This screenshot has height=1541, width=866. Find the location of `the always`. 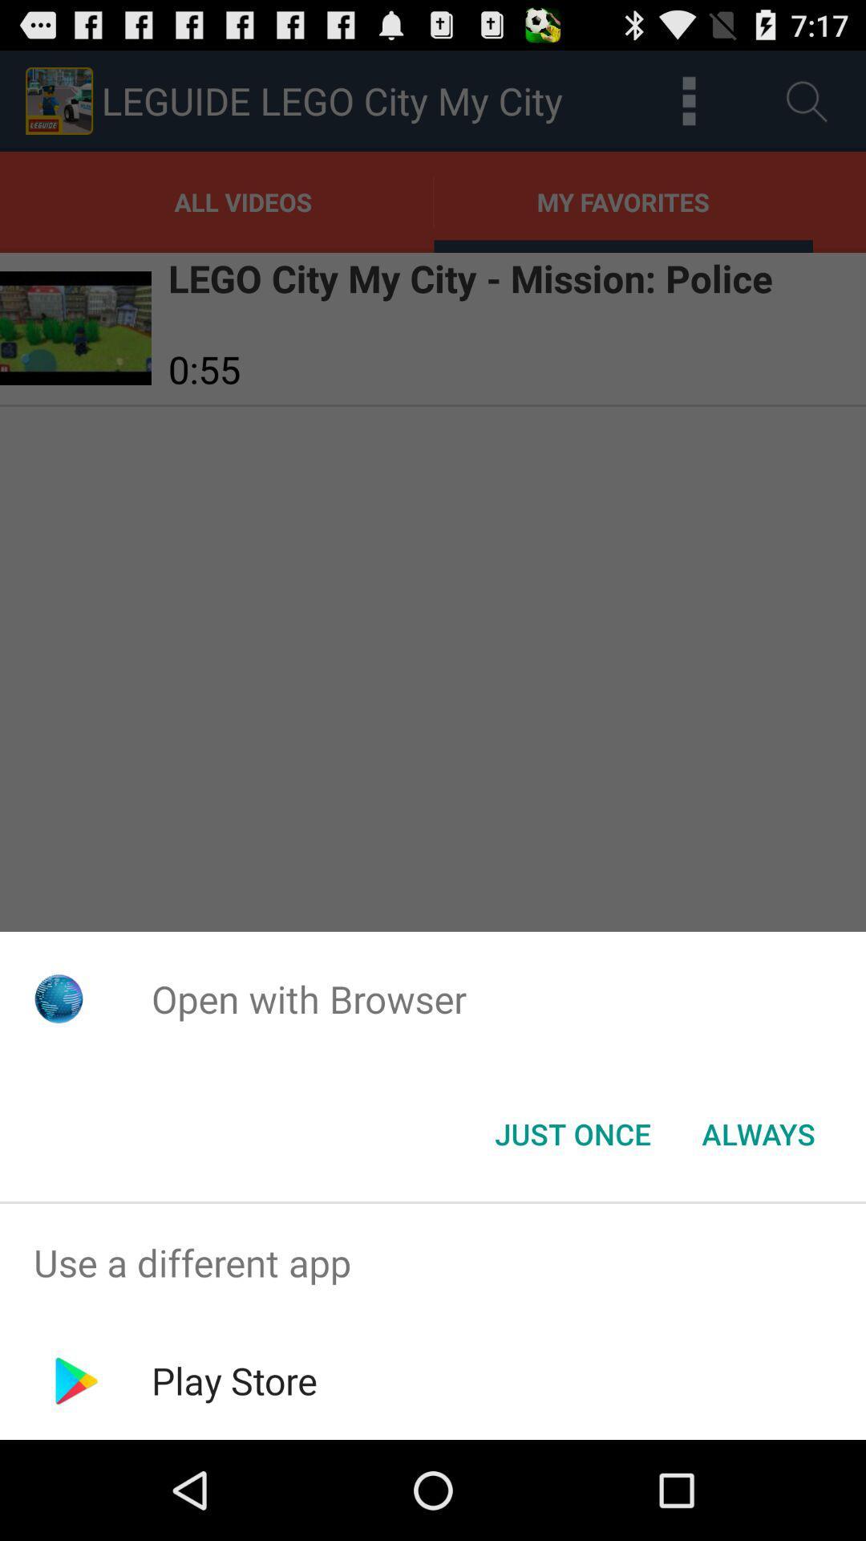

the always is located at coordinates (758, 1132).